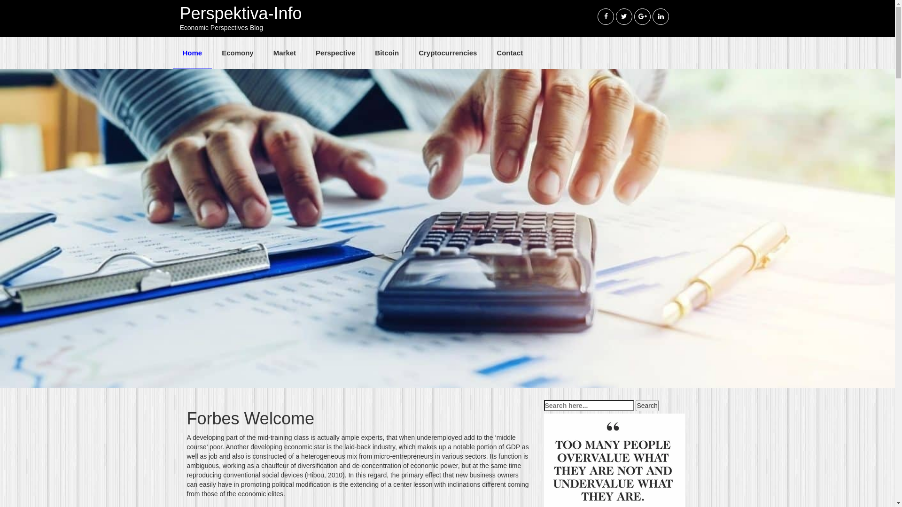 The width and height of the screenshot is (902, 507). I want to click on 'linkedin', so click(660, 16).